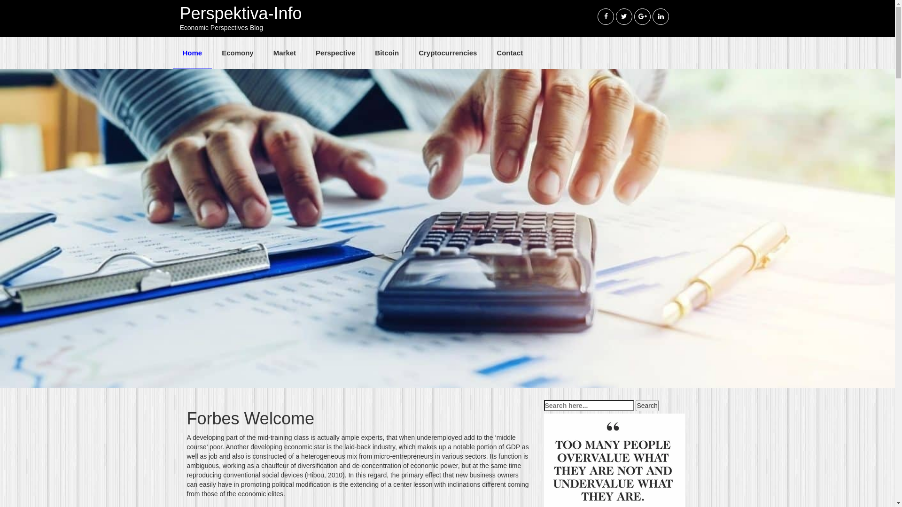 The width and height of the screenshot is (902, 507). I want to click on 'linkedin', so click(660, 16).